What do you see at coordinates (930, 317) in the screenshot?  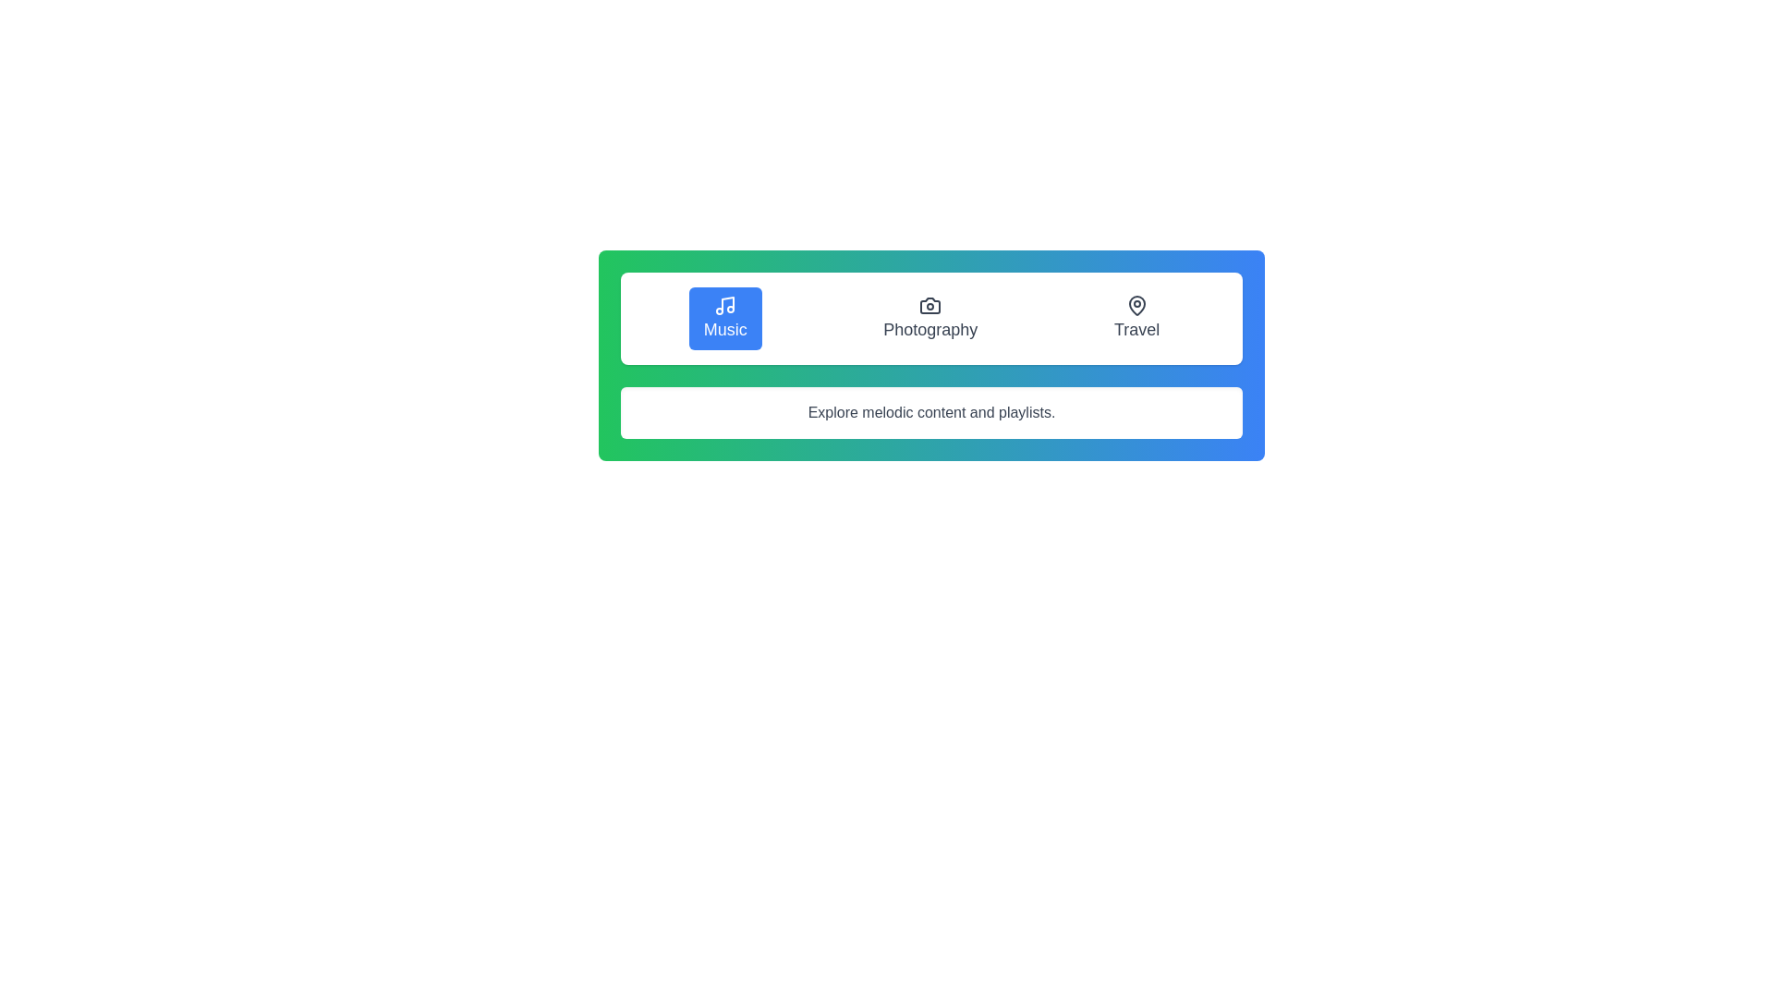 I see `the Photography tab to switch content` at bounding box center [930, 317].